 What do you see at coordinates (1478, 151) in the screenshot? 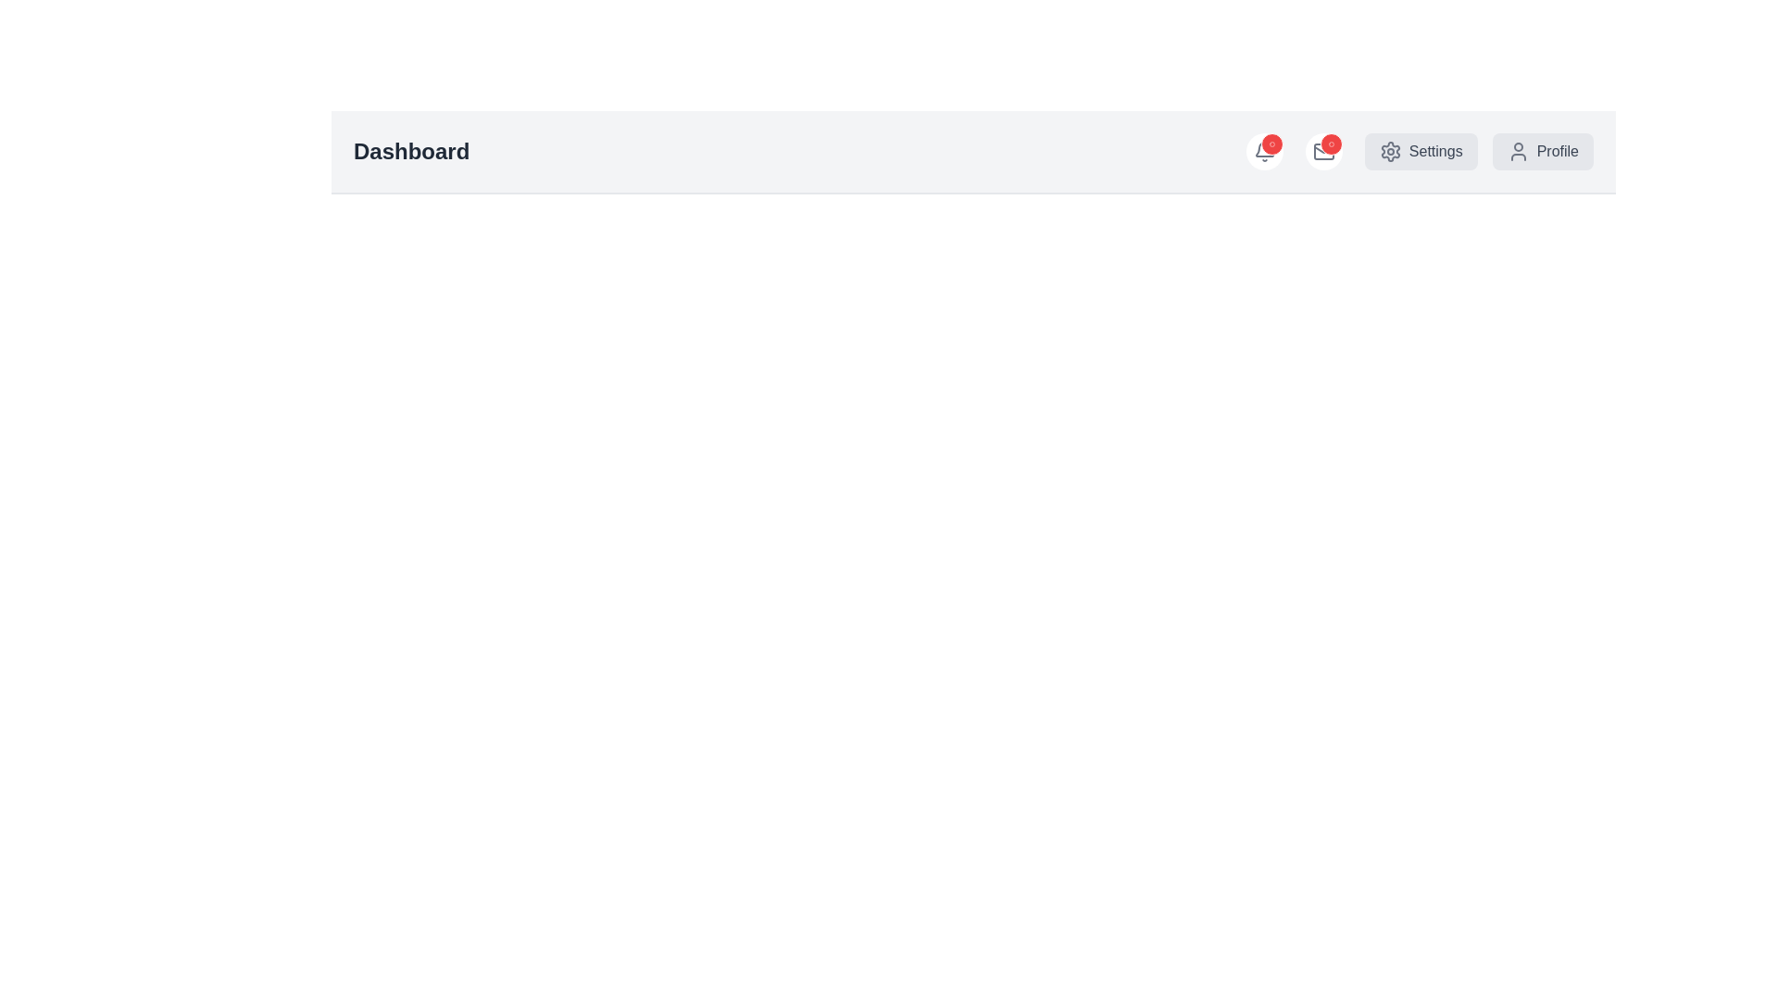
I see `the 'Settings' button in the top-right corner of the interface` at bounding box center [1478, 151].